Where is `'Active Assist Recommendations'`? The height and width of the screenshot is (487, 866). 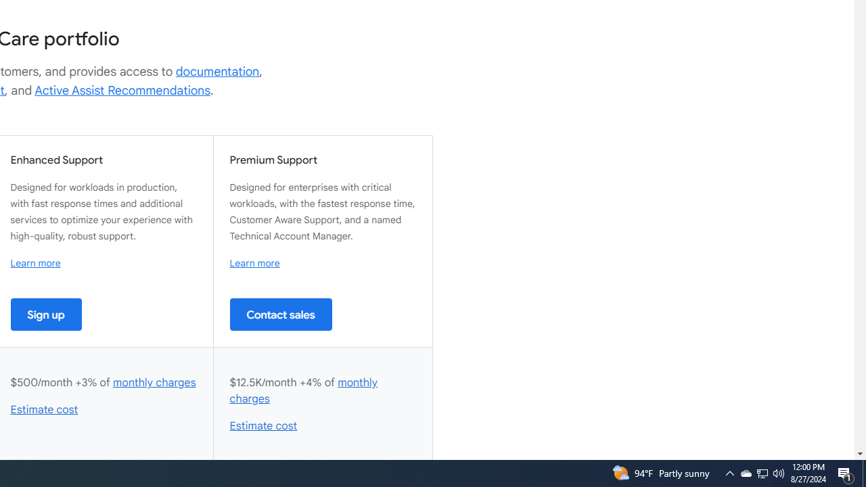
'Active Assist Recommendations' is located at coordinates (122, 90).